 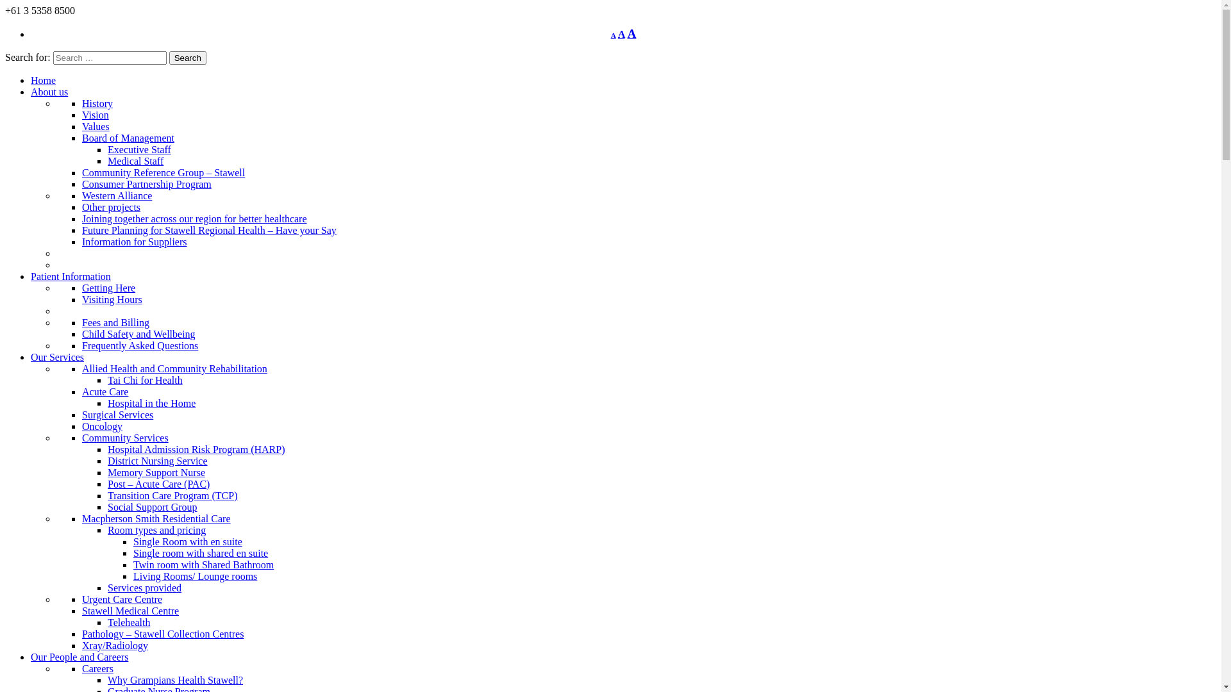 What do you see at coordinates (156, 460) in the screenshot?
I see `'District Nursing Service'` at bounding box center [156, 460].